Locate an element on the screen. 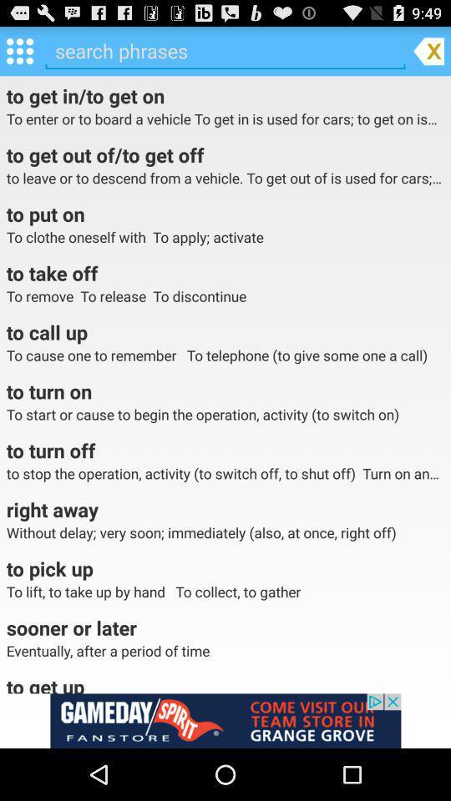 The width and height of the screenshot is (451, 801). begin a search is located at coordinates (225, 51).